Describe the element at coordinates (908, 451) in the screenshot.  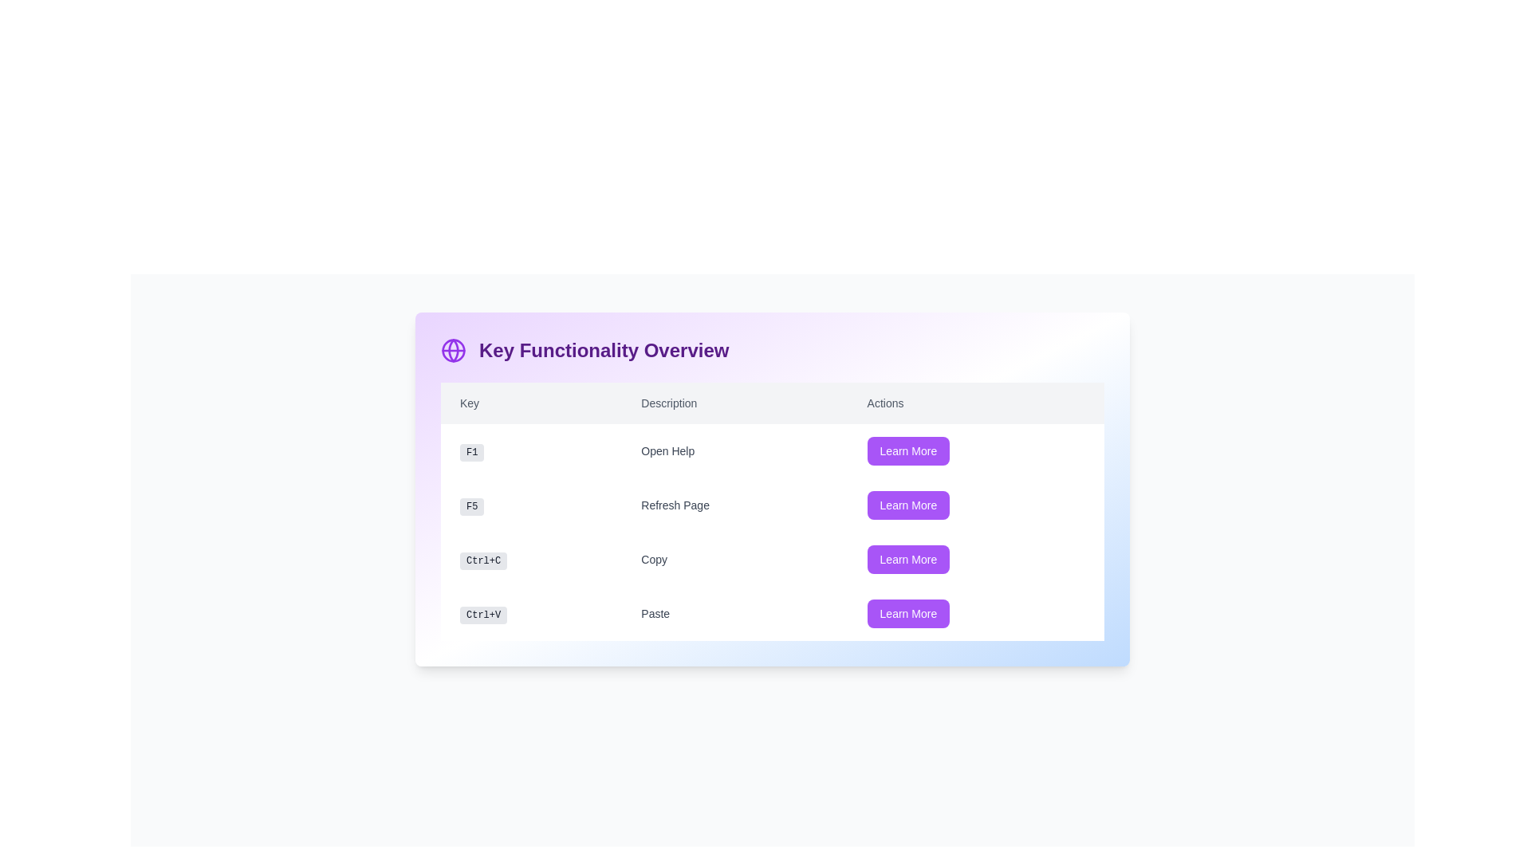
I see `the 'Learn More' button located in the rightmost column under the 'Actions' header, aligned with the row labeled 'Open Help'` at that location.